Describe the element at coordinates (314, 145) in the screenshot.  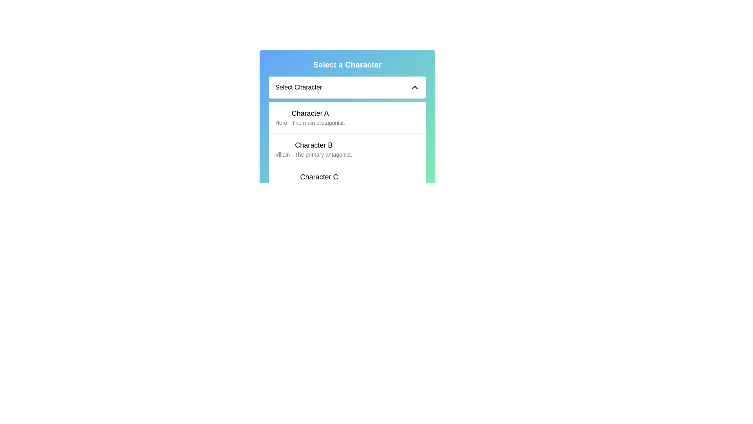
I see `the text label 'Character B'` at that location.